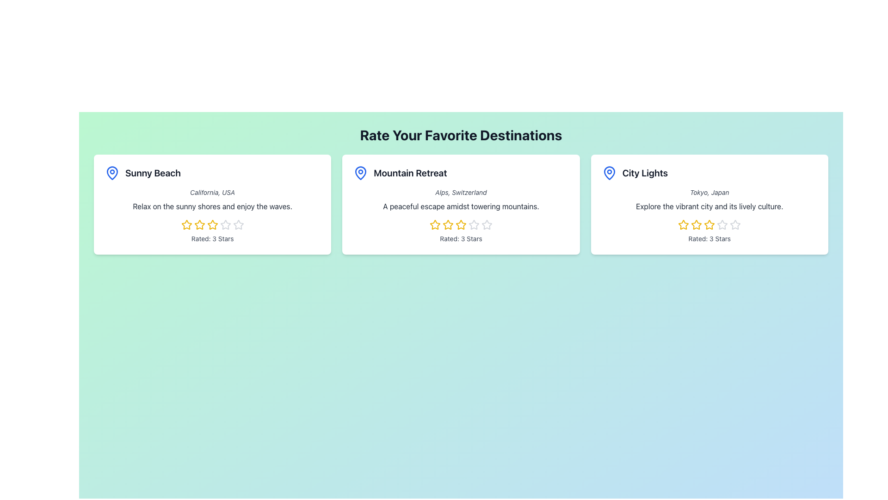  What do you see at coordinates (212, 238) in the screenshot?
I see `the Text Label that indicates the rating of the item described in the 'Sunny Beach' card, positioned below the star rating and the description text` at bounding box center [212, 238].